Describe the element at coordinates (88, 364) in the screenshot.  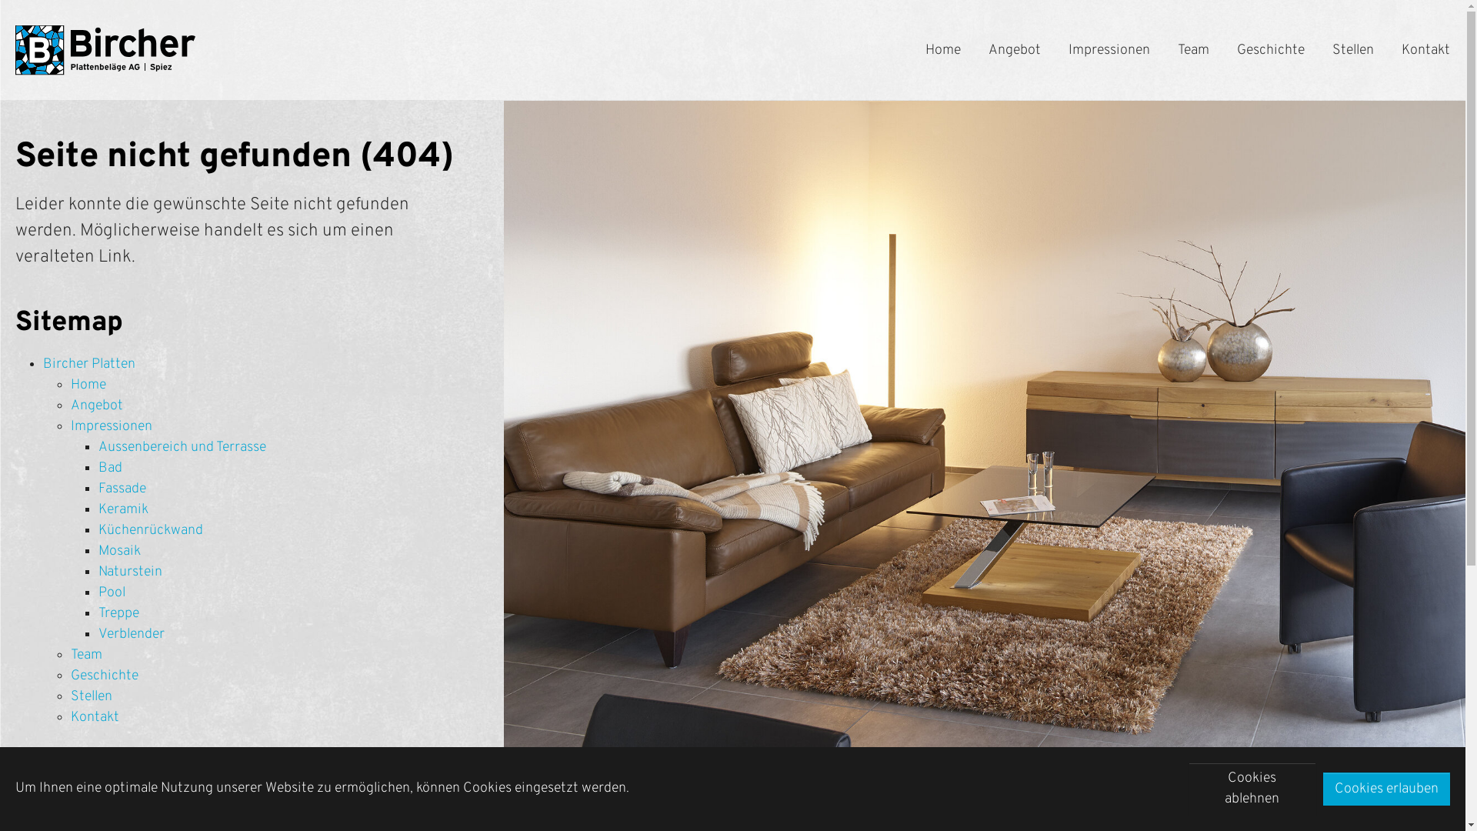
I see `'Bircher Platten'` at that location.